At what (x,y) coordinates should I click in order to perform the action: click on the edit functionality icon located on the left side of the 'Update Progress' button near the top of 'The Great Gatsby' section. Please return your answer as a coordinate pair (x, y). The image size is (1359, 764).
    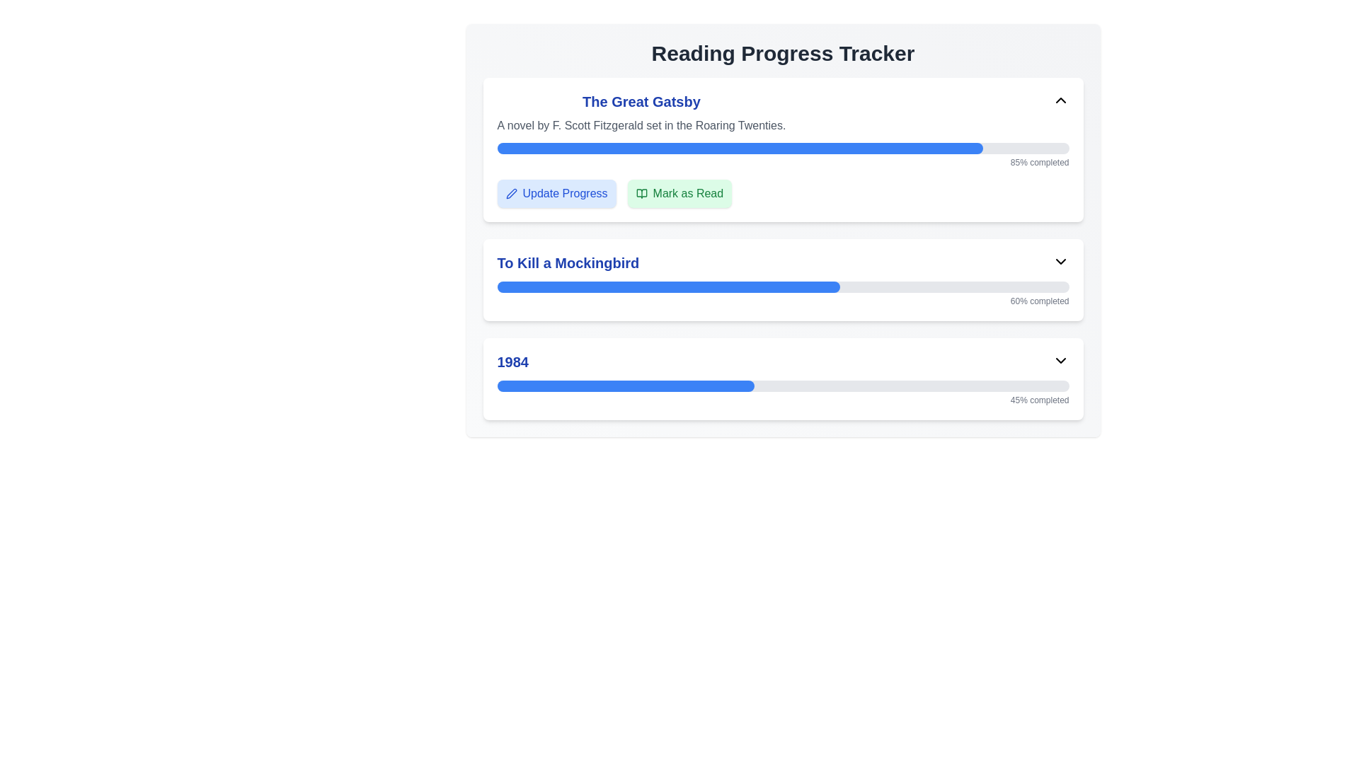
    Looking at the image, I should click on (510, 193).